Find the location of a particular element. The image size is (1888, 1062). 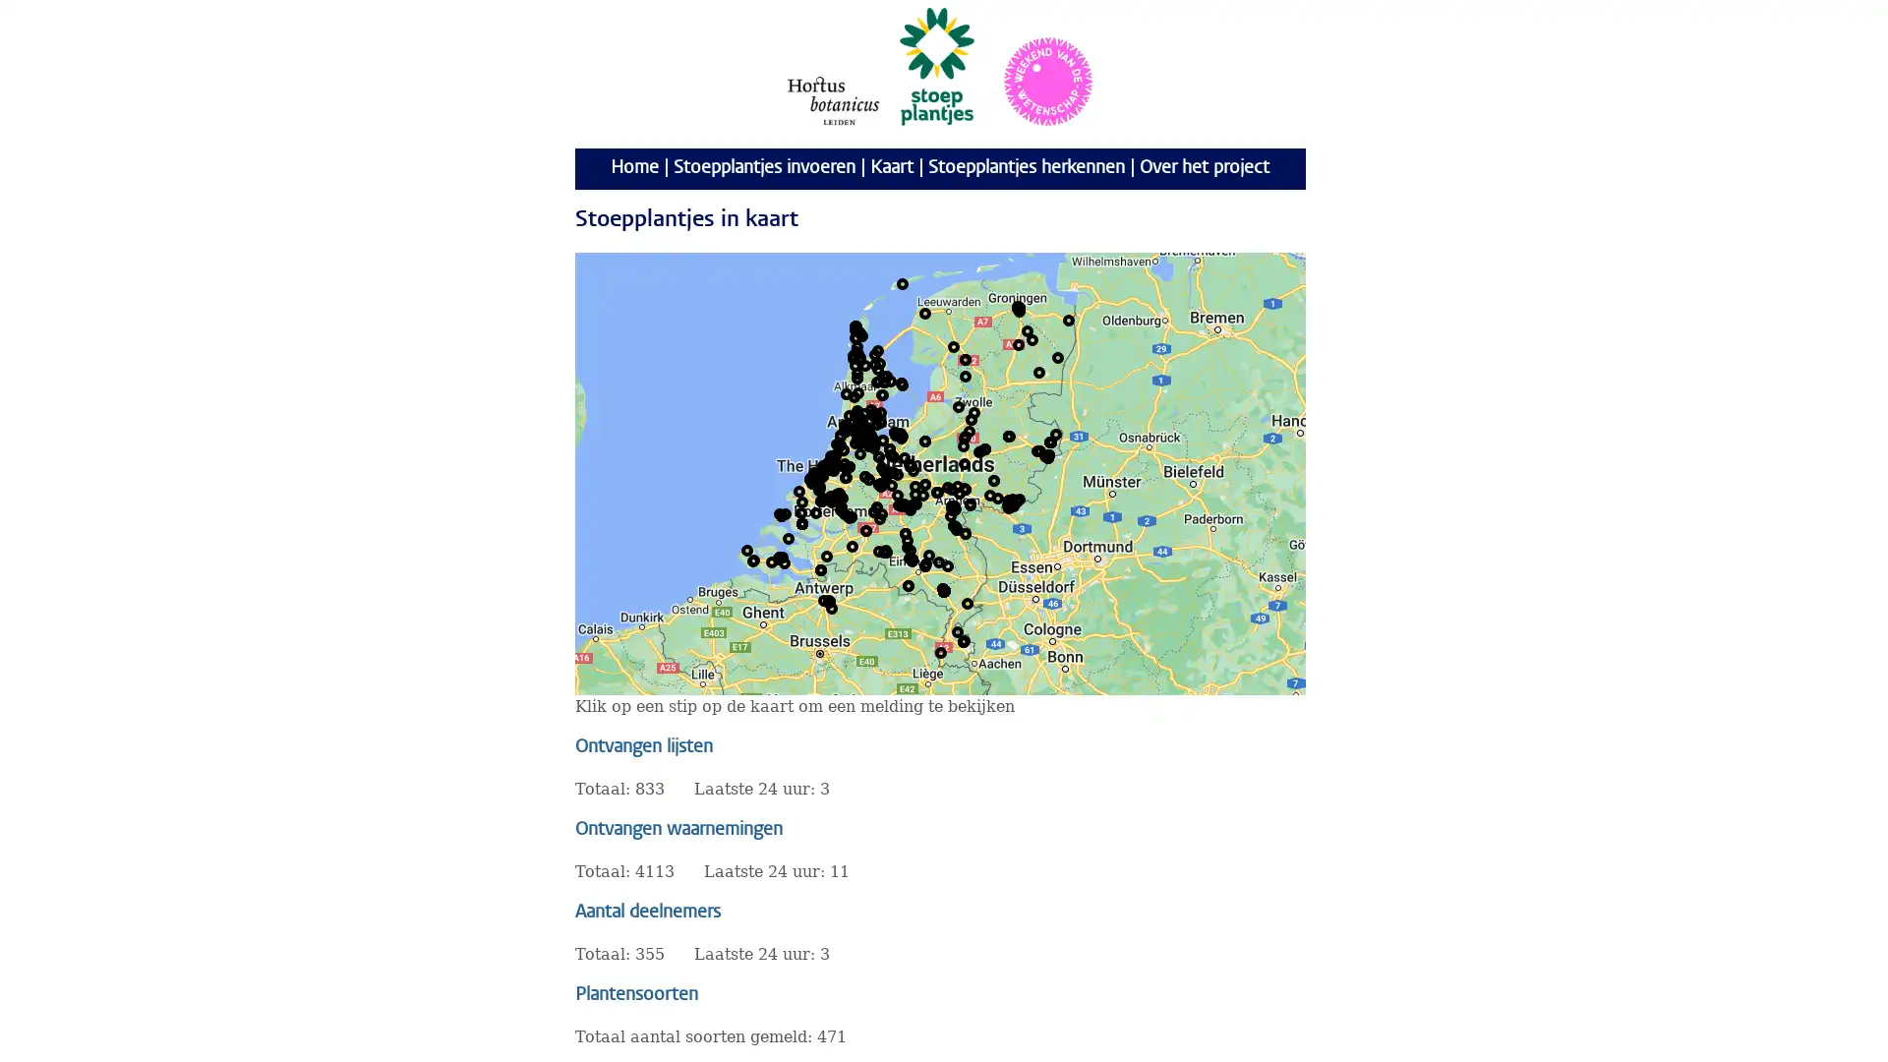

Telling van Julia v. B. op 21 april 2022 is located at coordinates (867, 432).